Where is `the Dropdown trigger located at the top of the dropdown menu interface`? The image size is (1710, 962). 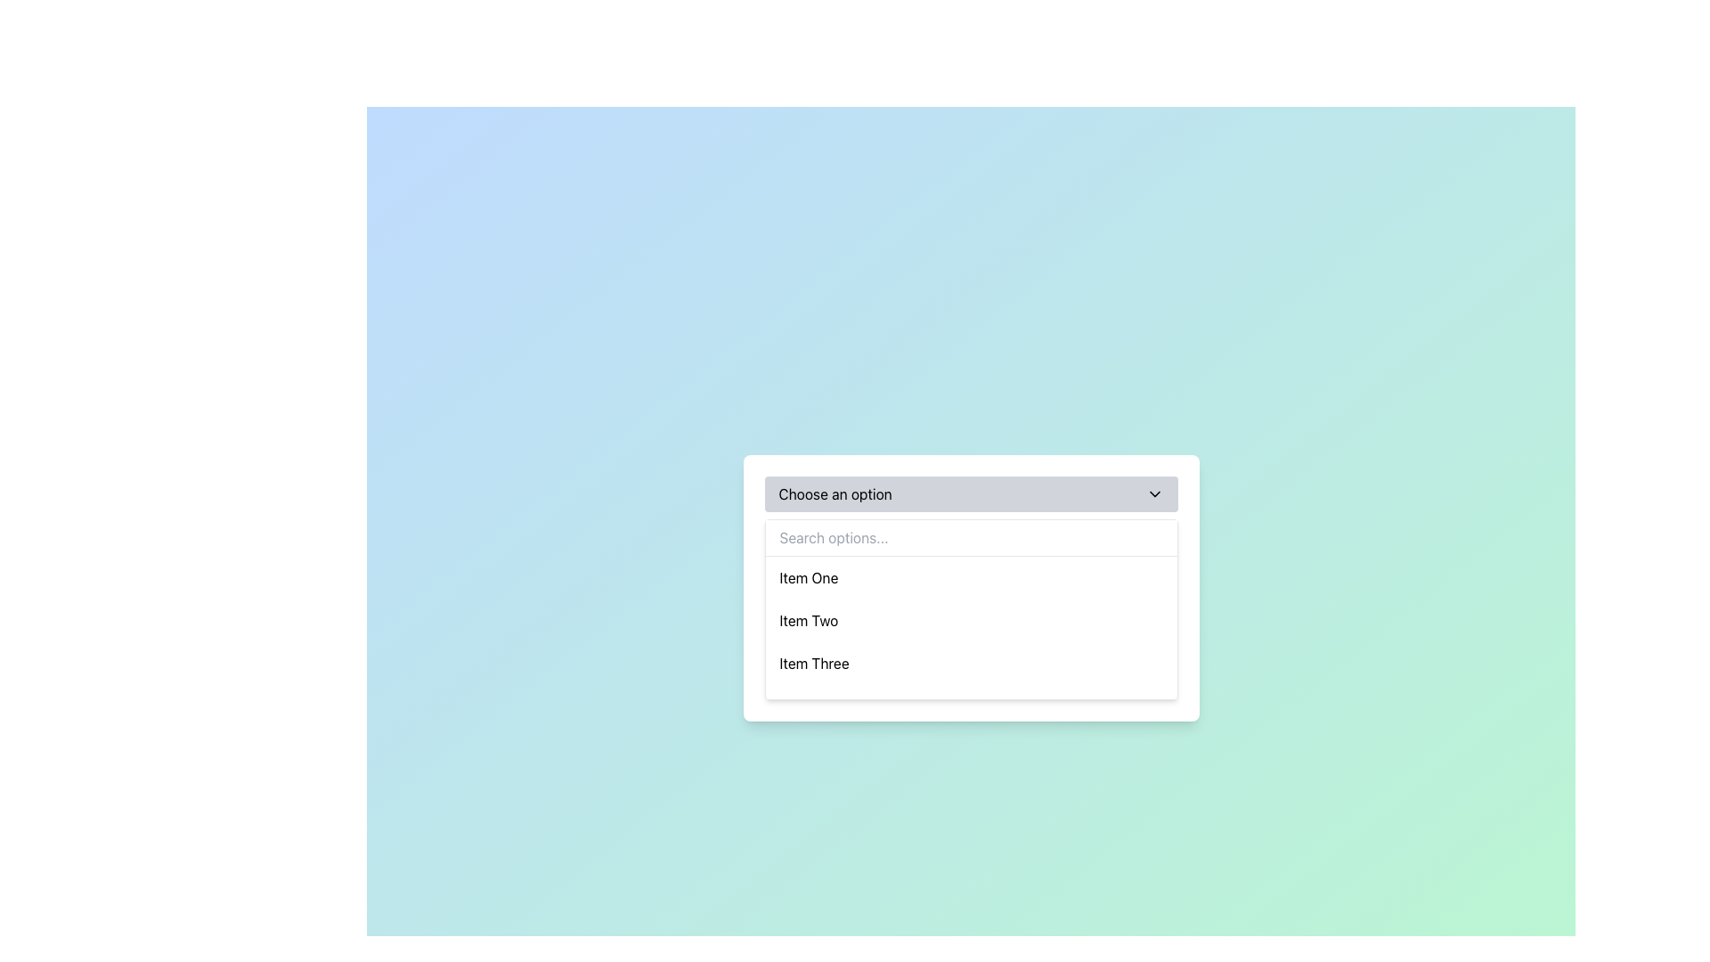
the Dropdown trigger located at the top of the dropdown menu interface is located at coordinates (970, 493).